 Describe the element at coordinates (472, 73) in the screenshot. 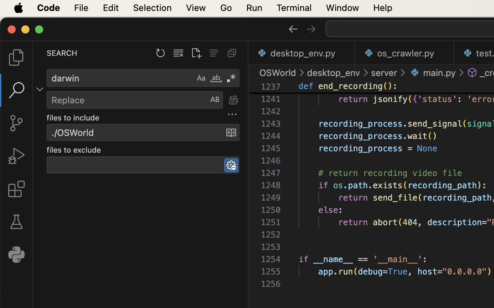

I see `''` at that location.